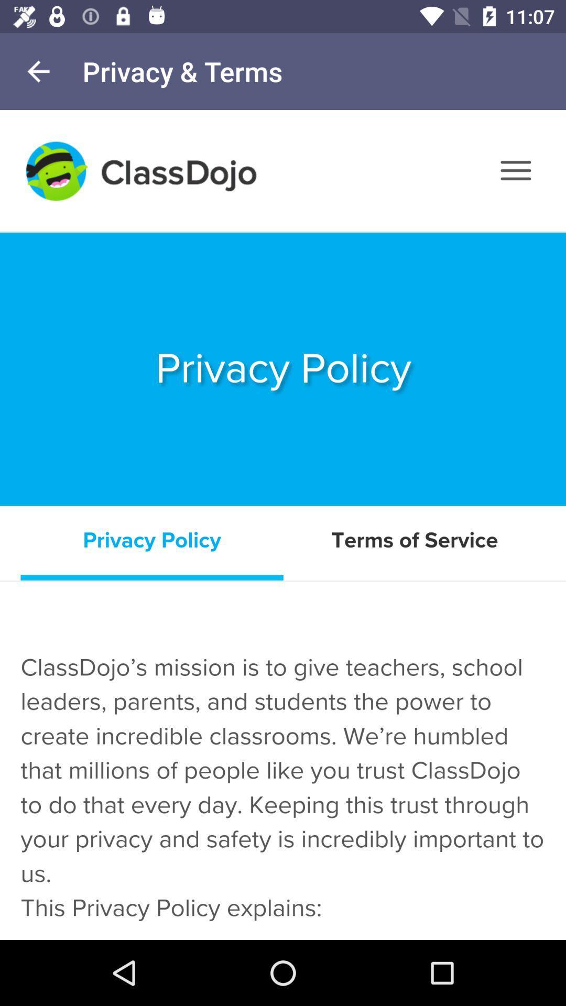 This screenshot has width=566, height=1006. I want to click on advertisement page, so click(283, 525).